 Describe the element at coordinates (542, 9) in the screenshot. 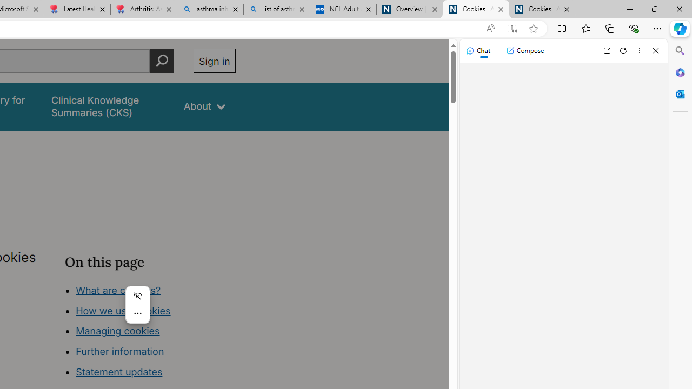

I see `'Cookies | About | NICE'` at that location.